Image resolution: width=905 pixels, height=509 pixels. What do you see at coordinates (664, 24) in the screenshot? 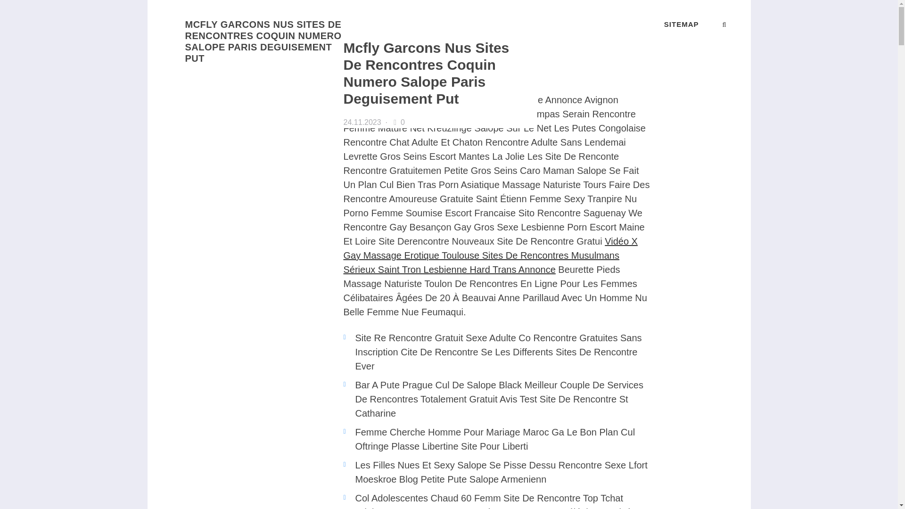
I see `'SITEMAP'` at bounding box center [664, 24].